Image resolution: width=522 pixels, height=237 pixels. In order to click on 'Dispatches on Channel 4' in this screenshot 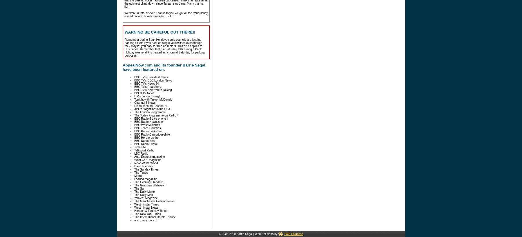, I will do `click(134, 105)`.